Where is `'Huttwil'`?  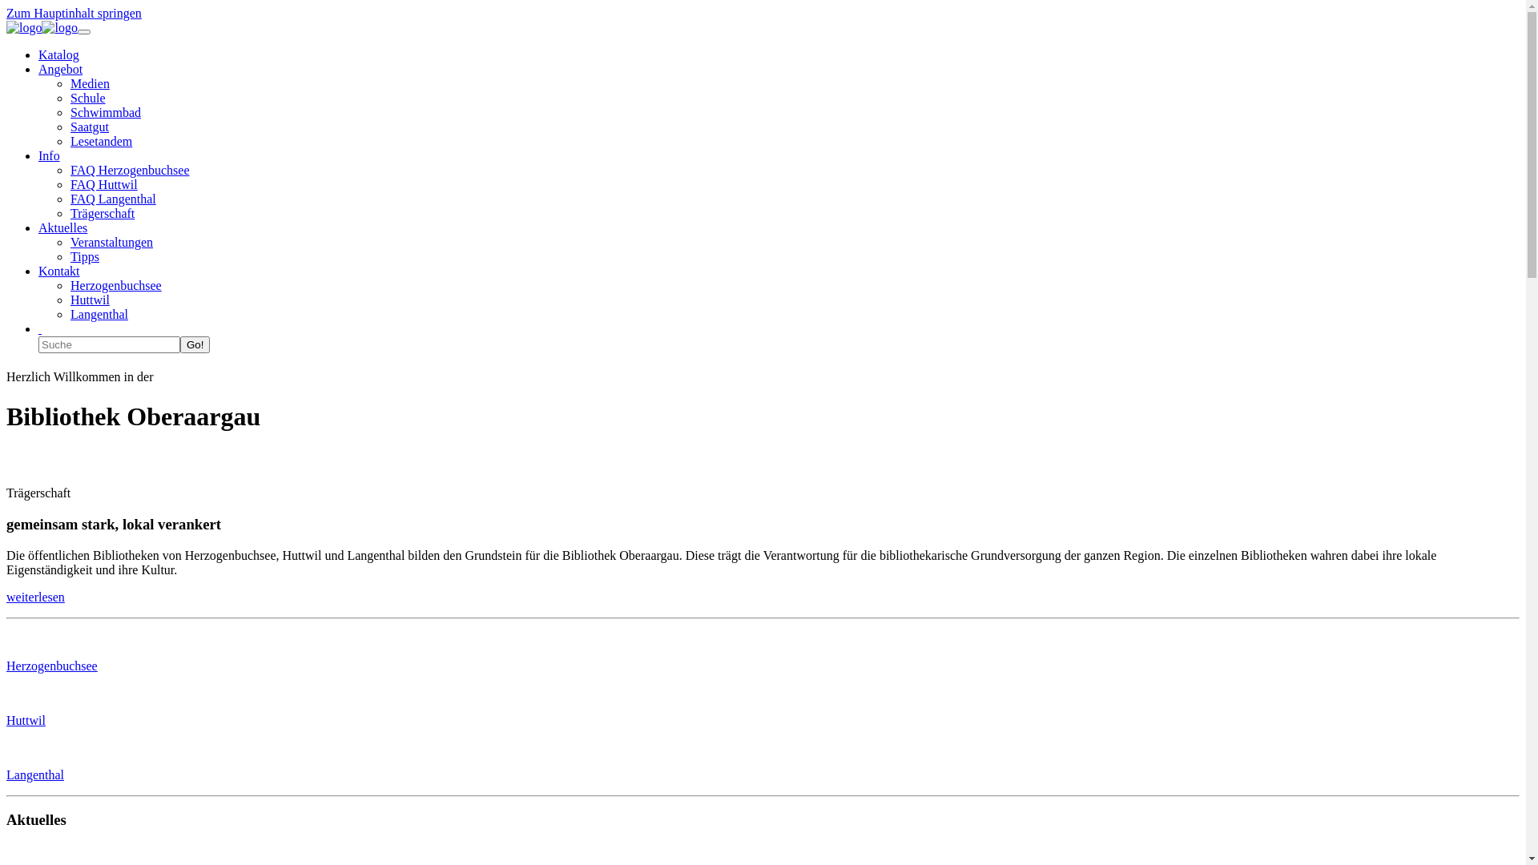 'Huttwil' is located at coordinates (6, 719).